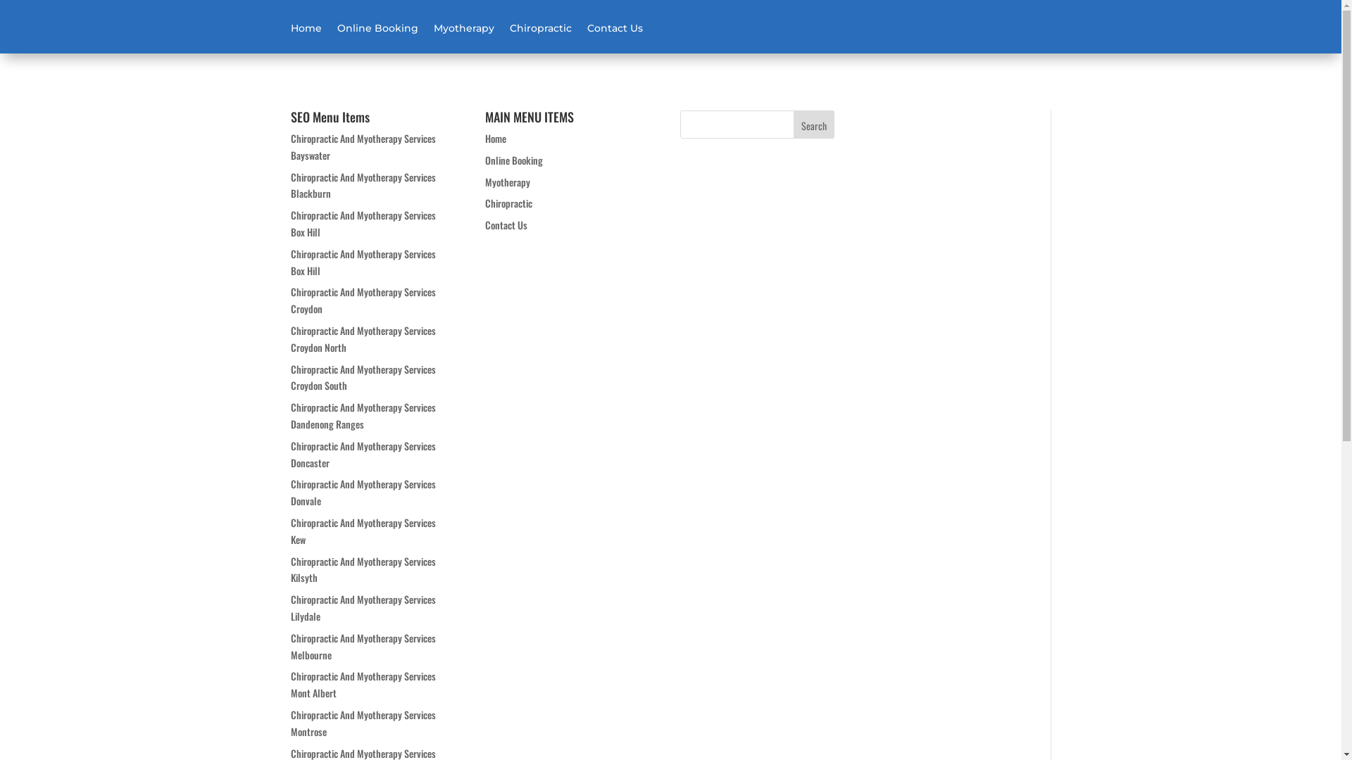  Describe the element at coordinates (432, 37) in the screenshot. I see `'Myotherapy'` at that location.